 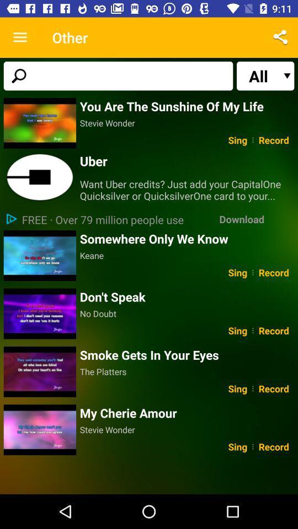 What do you see at coordinates (39, 177) in the screenshot?
I see `see more information` at bounding box center [39, 177].